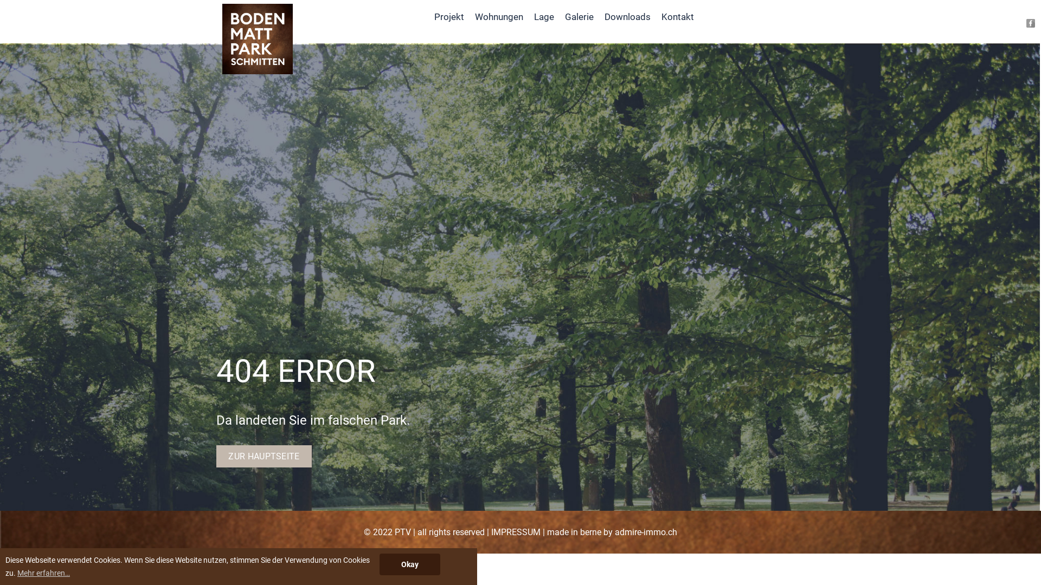 Image resolution: width=1041 pixels, height=585 pixels. Describe the element at coordinates (380, 563) in the screenshot. I see `'Okay'` at that location.